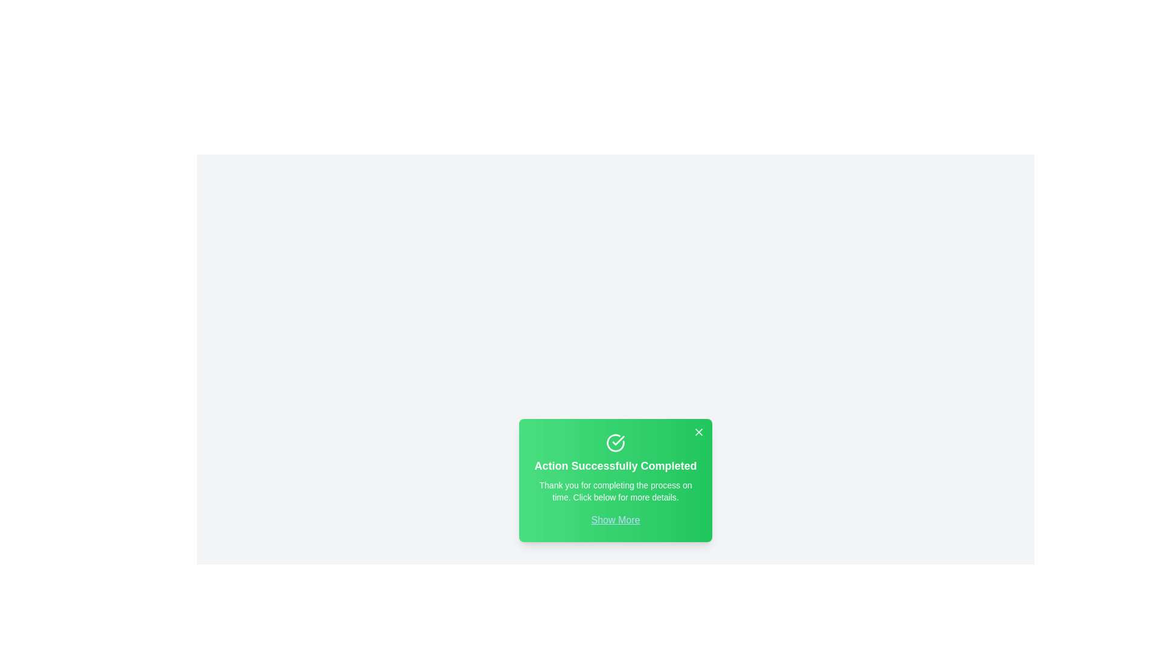  I want to click on 'Show More' button to toggle the visibility of additional details, so click(615, 519).